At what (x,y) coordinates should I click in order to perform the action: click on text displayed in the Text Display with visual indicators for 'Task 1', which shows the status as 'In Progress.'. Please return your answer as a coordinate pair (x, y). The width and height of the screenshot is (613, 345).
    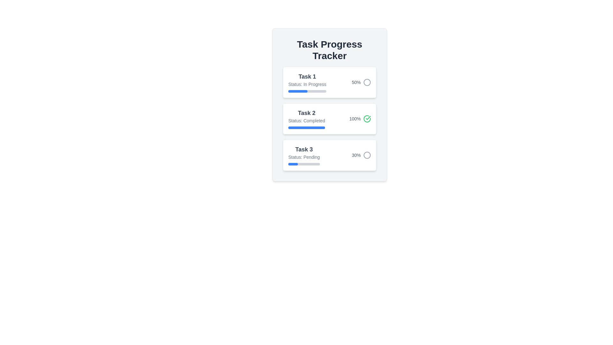
    Looking at the image, I should click on (307, 82).